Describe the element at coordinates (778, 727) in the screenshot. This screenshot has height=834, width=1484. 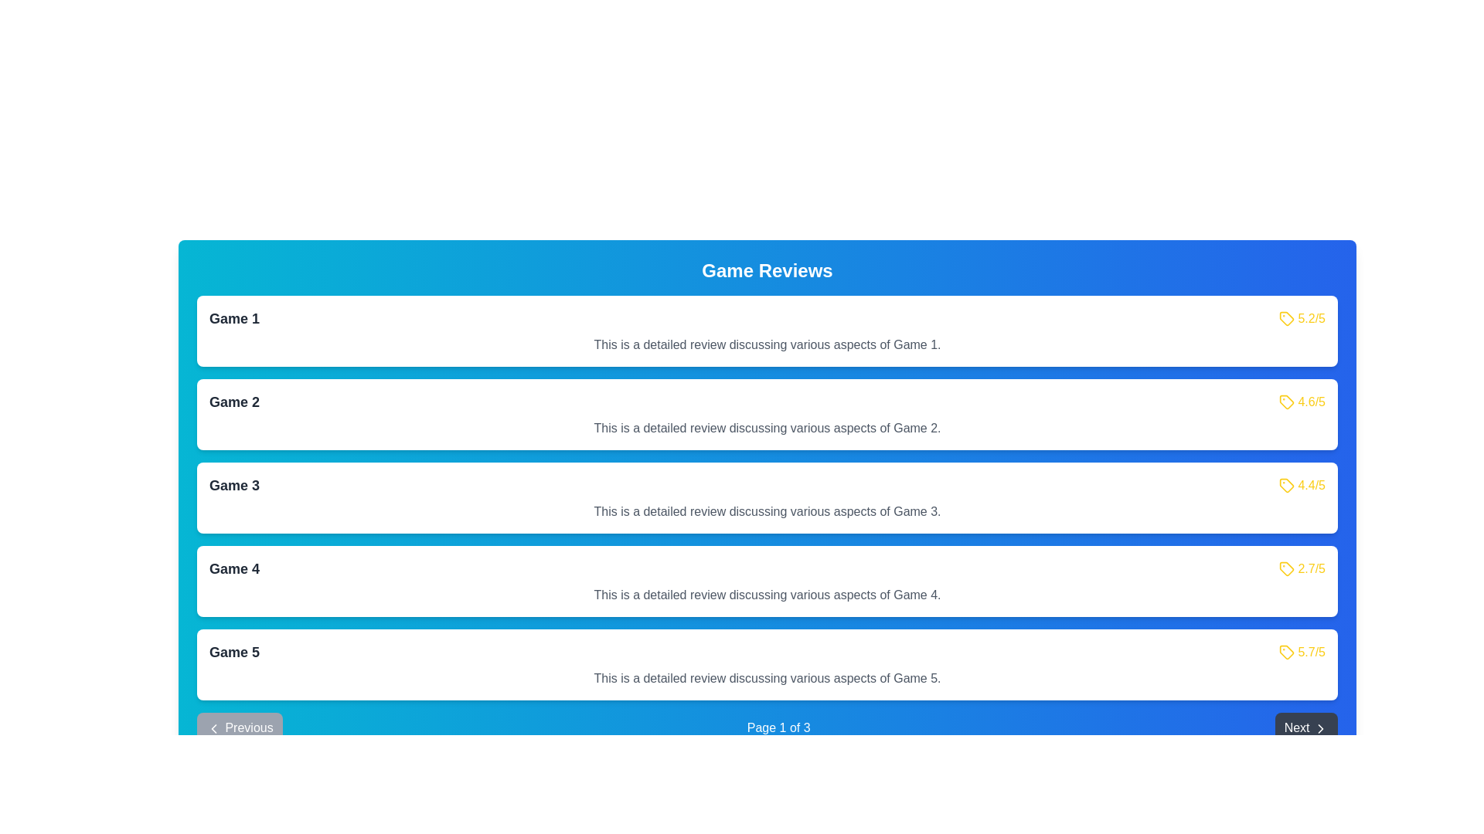
I see `the text label that displays the current page number and total number of pages in the pagination scheme, located between the 'Previous' and 'Next' buttons` at that location.